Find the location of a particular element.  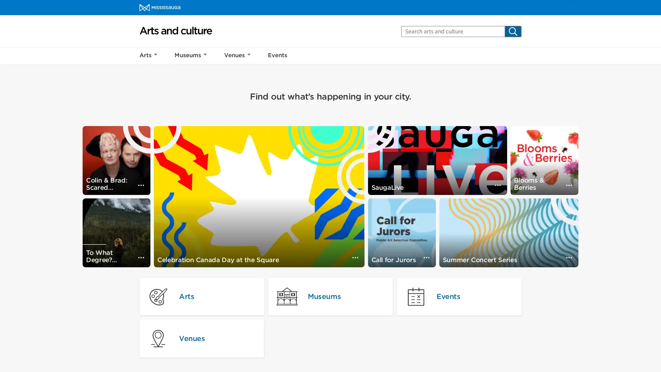

Visually show the card details is located at coordinates (140, 258).